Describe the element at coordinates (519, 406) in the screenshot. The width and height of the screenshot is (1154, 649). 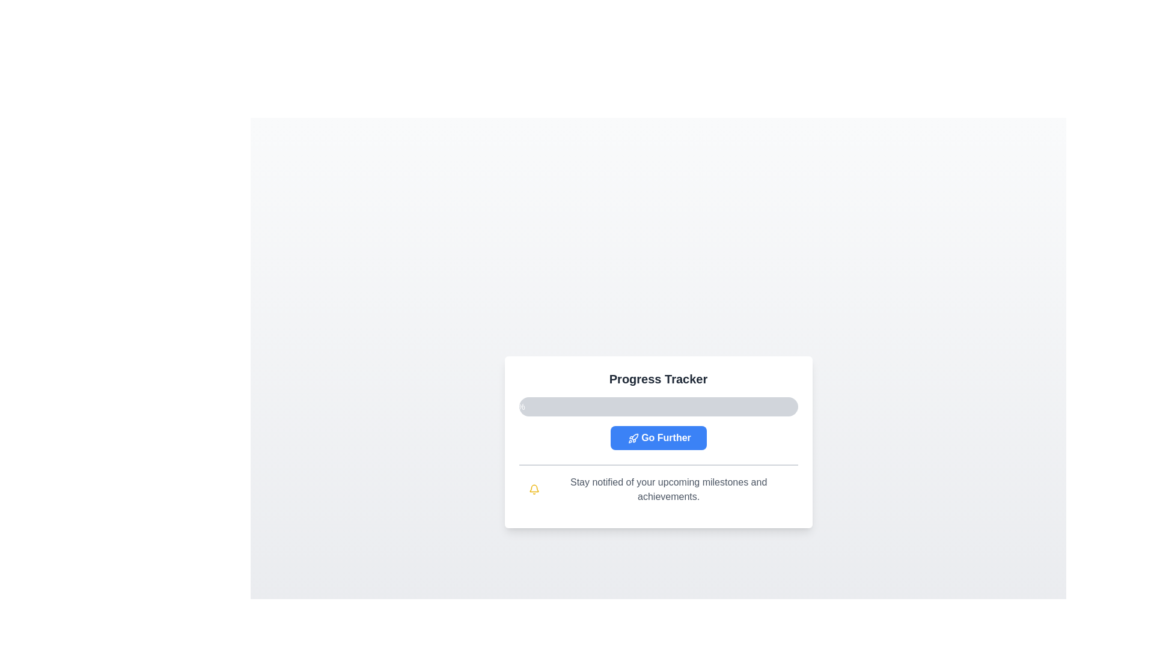
I see `the text '0%' displayed in white within the horizontal progress bar of the 'Progress Tracker' card, which is enclosed in a rounded rectangle with a light gray background` at that location.